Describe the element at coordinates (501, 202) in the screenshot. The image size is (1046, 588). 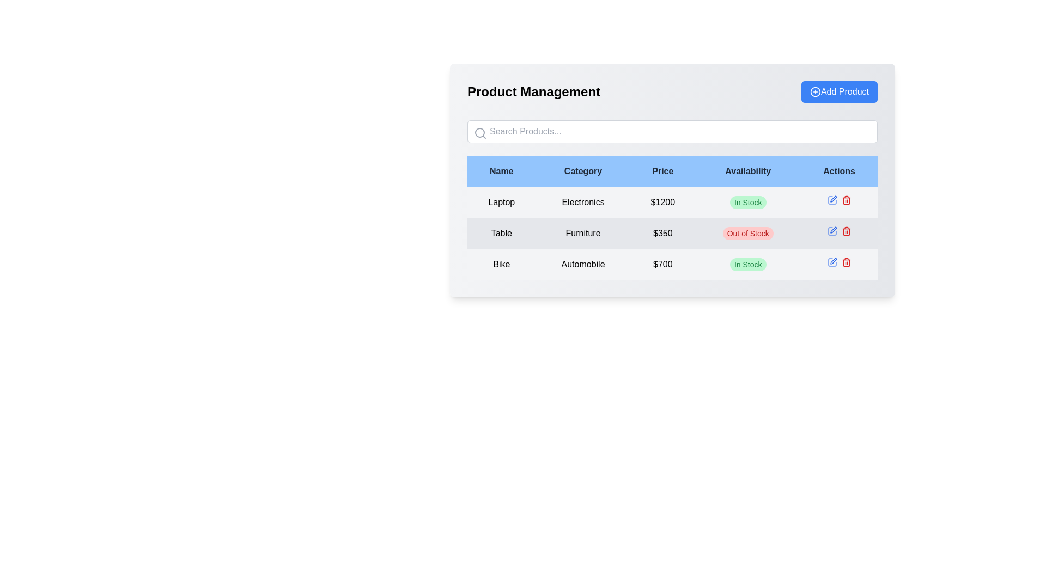
I see `the text label displaying 'Laptop' in black font, which is part of a table's first column labeled 'Name'` at that location.